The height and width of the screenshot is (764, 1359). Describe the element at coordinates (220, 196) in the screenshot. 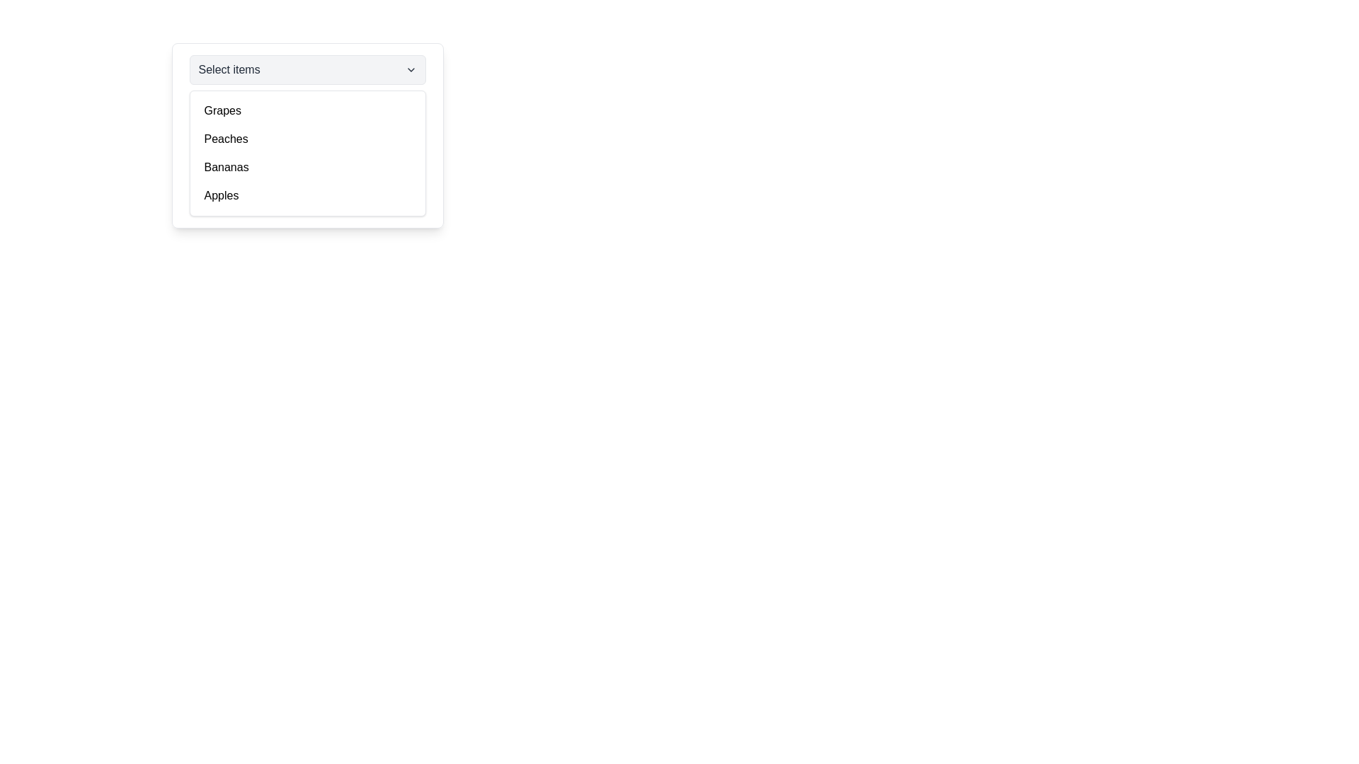

I see `the 'Apples' dropdown menu item, which is the fourth item in the dropdown list styled with a standard sans-serif font` at that location.